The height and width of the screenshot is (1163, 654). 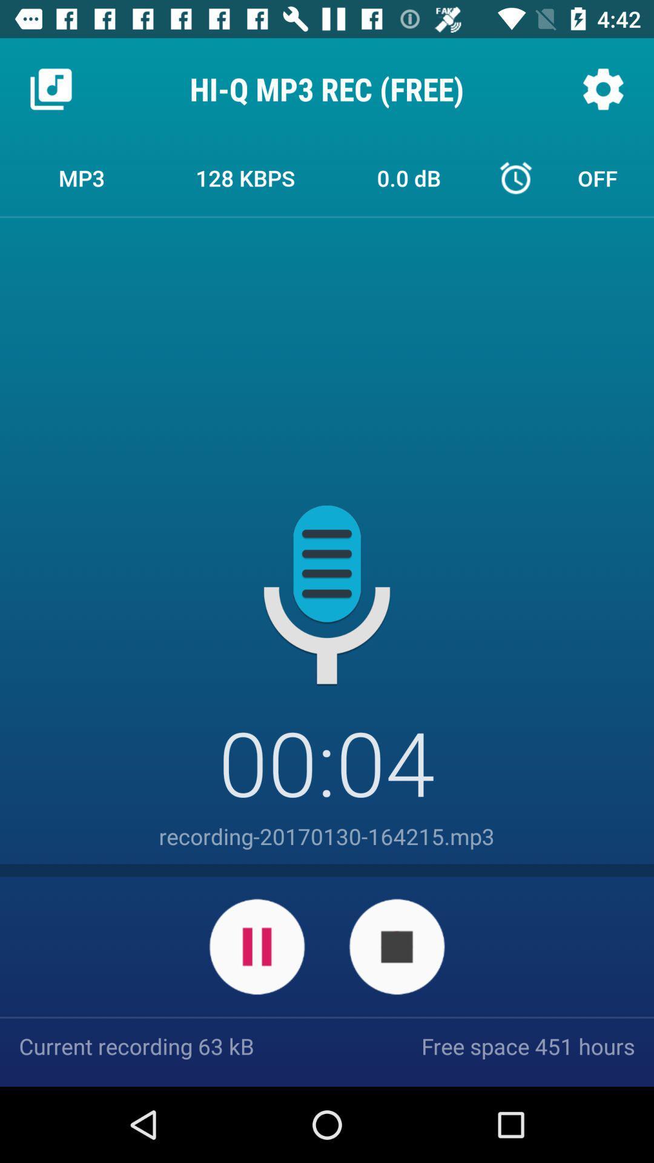 What do you see at coordinates (603, 88) in the screenshot?
I see `the icon to the right of the hi q mp3 item` at bounding box center [603, 88].